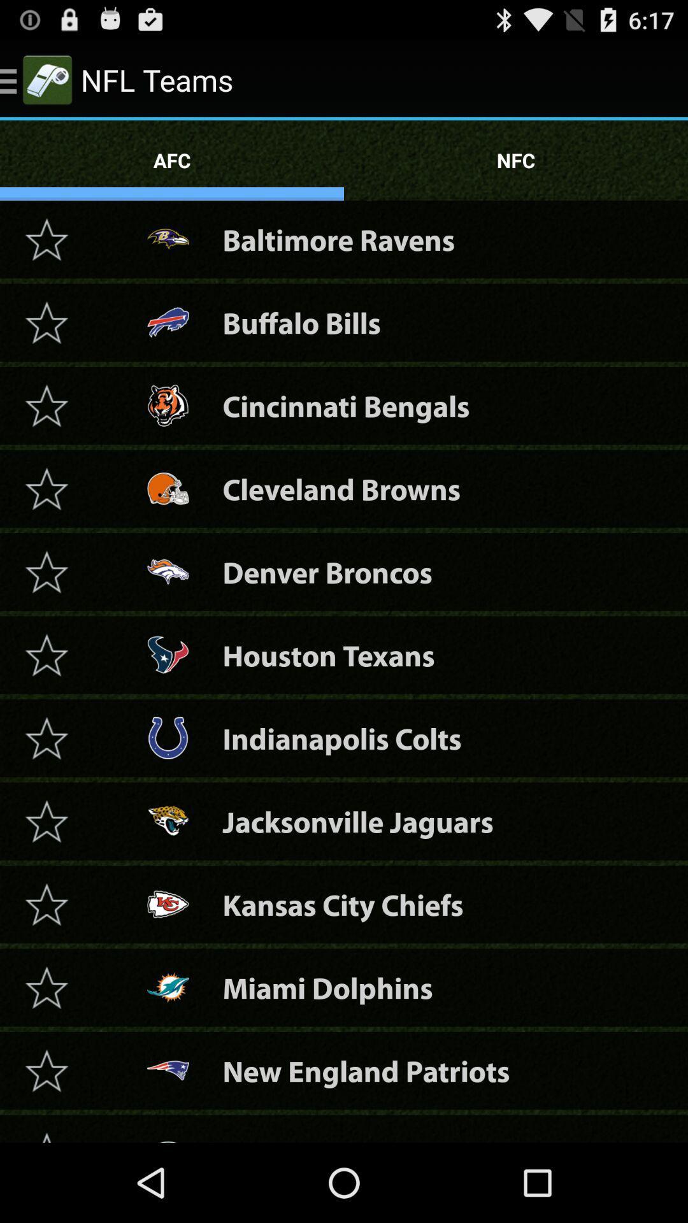 This screenshot has height=1223, width=688. Describe the element at coordinates (327, 987) in the screenshot. I see `icon below the kansas city chiefs icon` at that location.